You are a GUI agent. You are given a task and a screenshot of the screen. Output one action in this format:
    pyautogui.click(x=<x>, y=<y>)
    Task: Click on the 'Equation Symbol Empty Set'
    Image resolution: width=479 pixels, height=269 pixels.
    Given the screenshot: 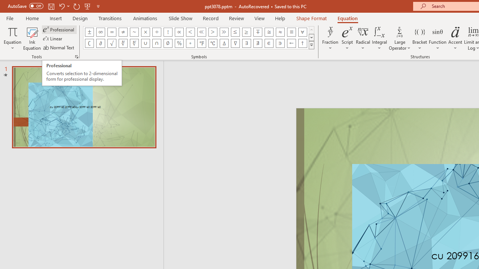 What is the action you would take?
    pyautogui.click(x=167, y=43)
    